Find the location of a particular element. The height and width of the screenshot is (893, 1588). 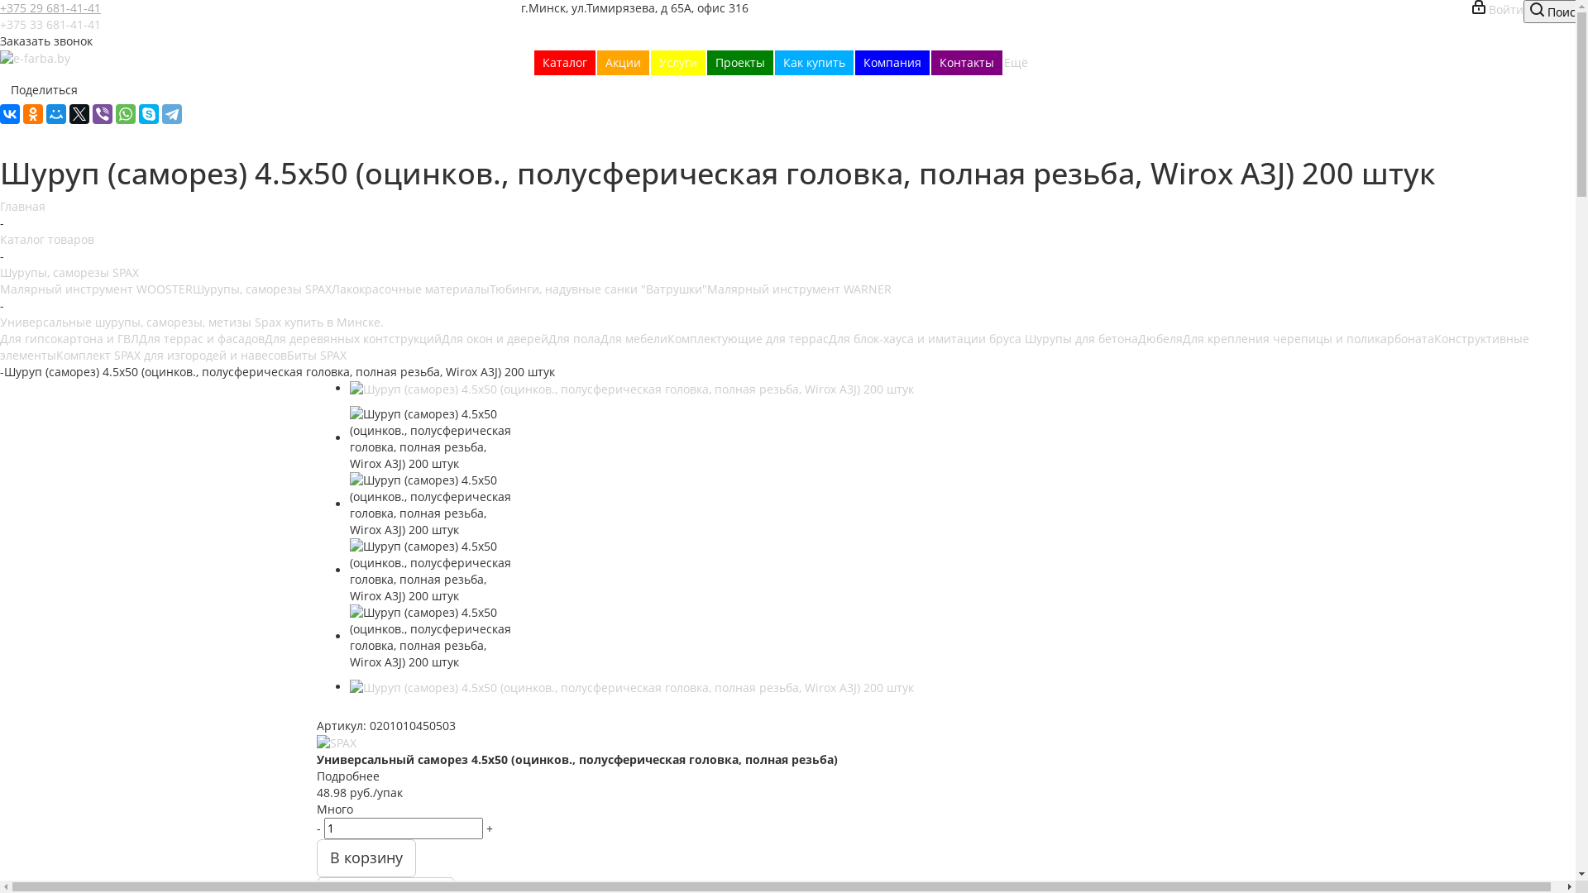

'+375 29 681-41-41' is located at coordinates (0, 7).